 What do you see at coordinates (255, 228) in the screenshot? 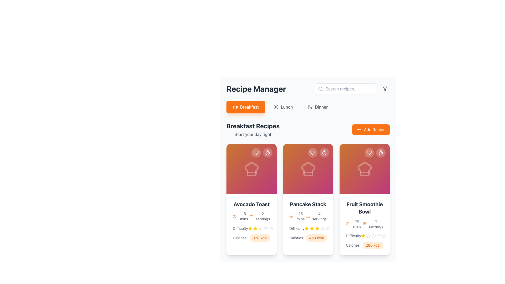
I see `the first star icon indicating the 'Difficulty' rating for the 'Avocado Toast' recipe, located in the 'Difficulty' section above the caloric information` at bounding box center [255, 228].